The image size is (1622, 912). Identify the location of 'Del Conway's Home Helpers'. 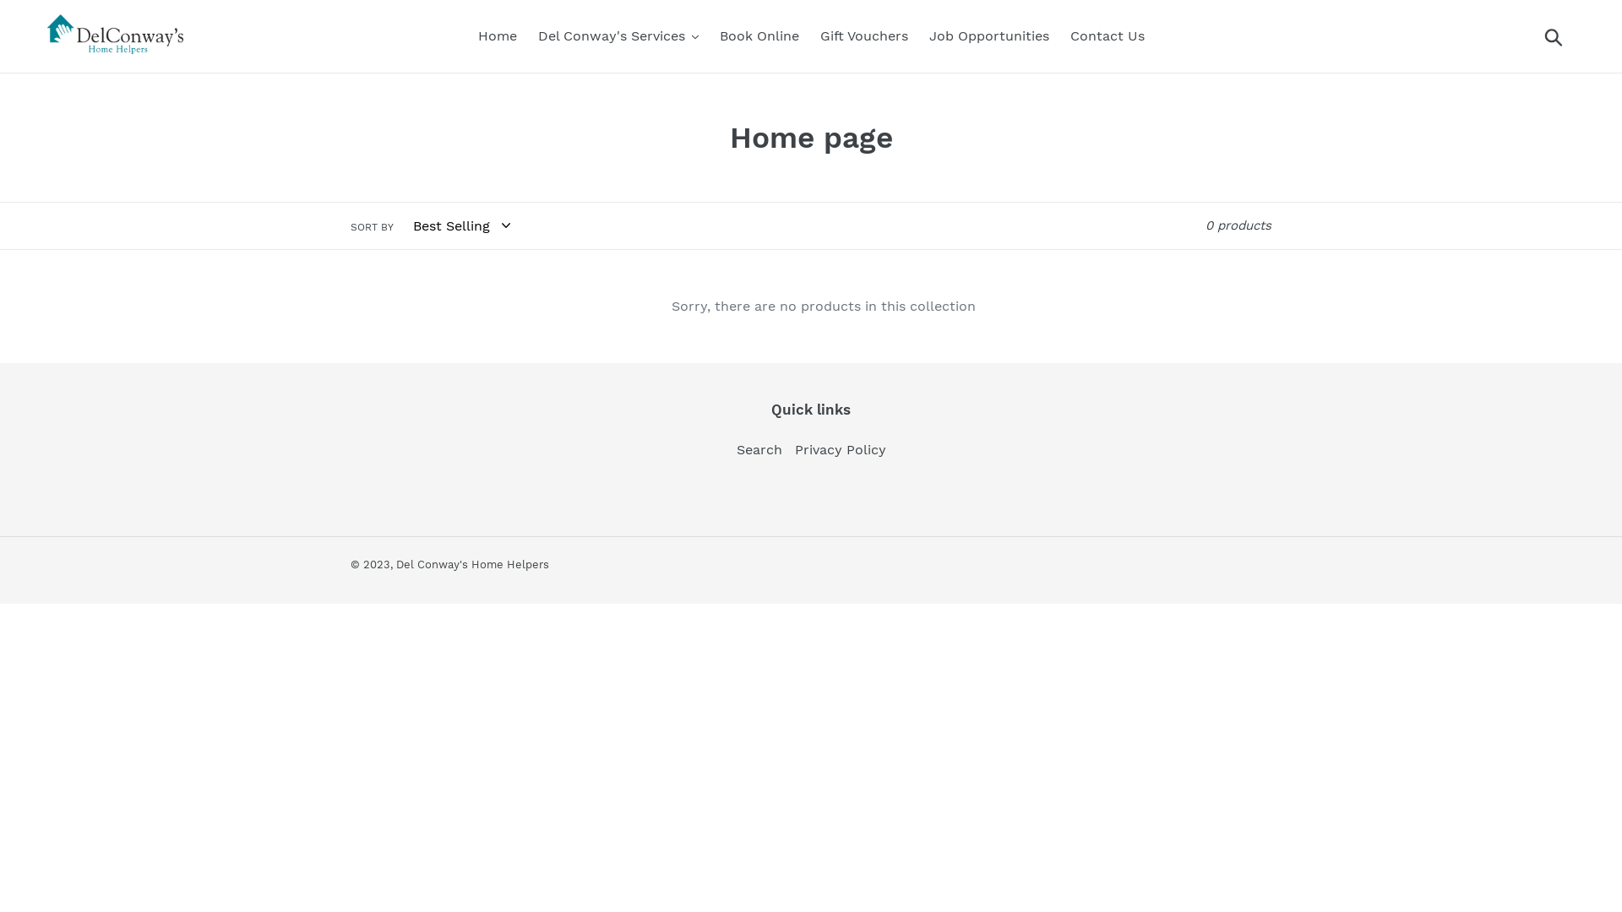
(395, 564).